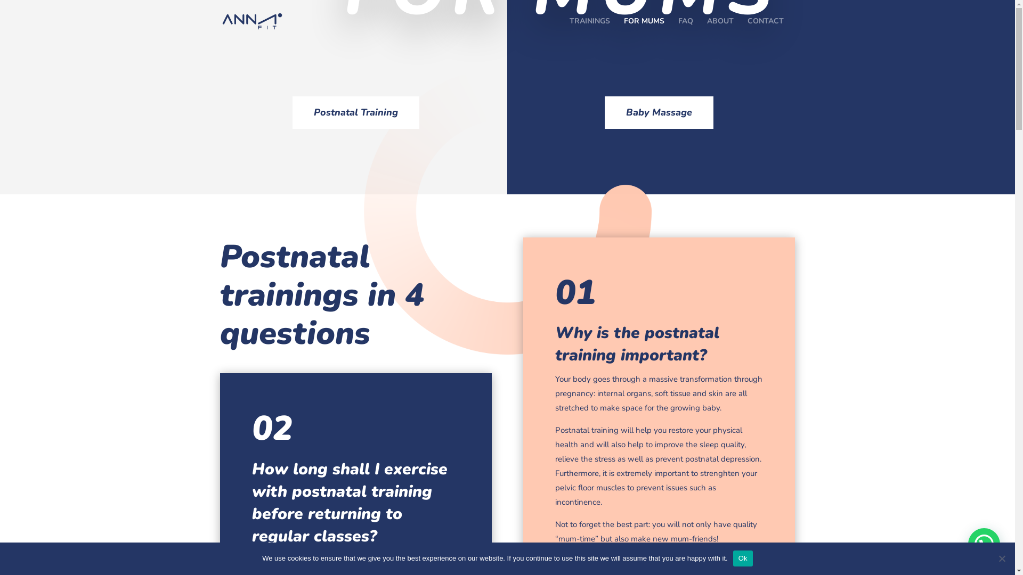 This screenshot has height=575, width=1023. What do you see at coordinates (588, 29) in the screenshot?
I see `'TRAININGS'` at bounding box center [588, 29].